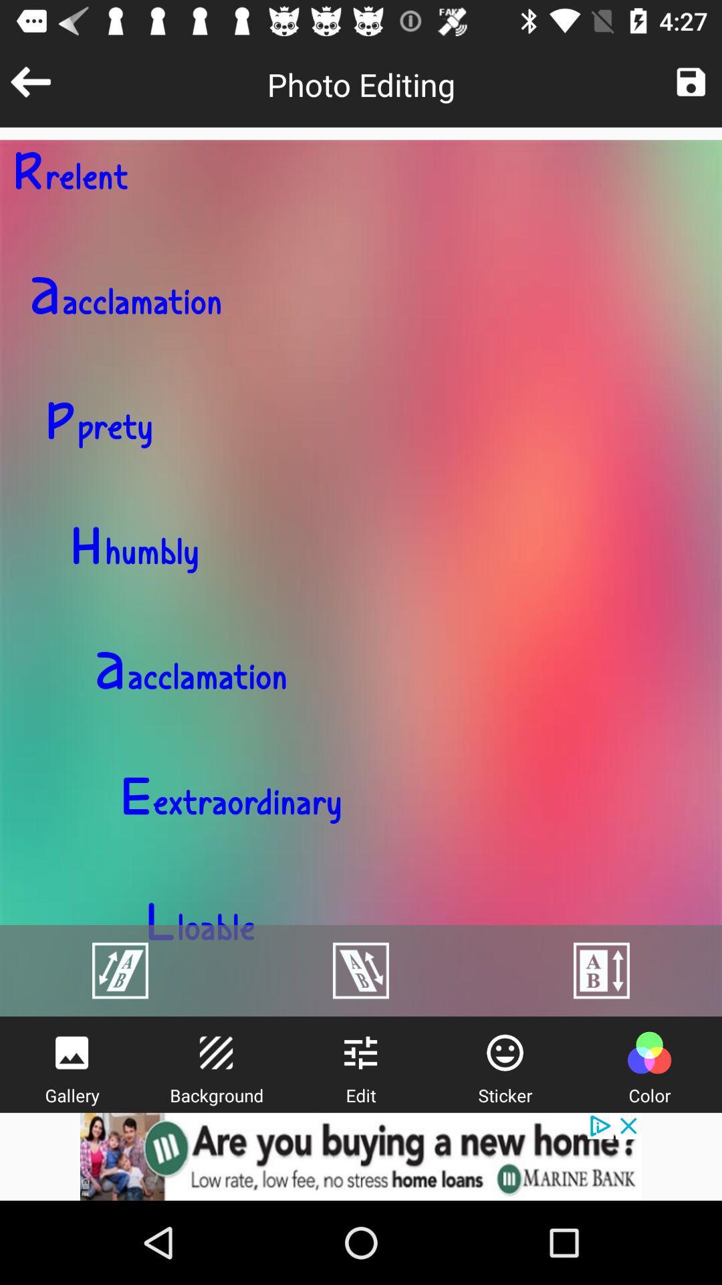 The image size is (722, 1285). I want to click on go back, so click(30, 81).